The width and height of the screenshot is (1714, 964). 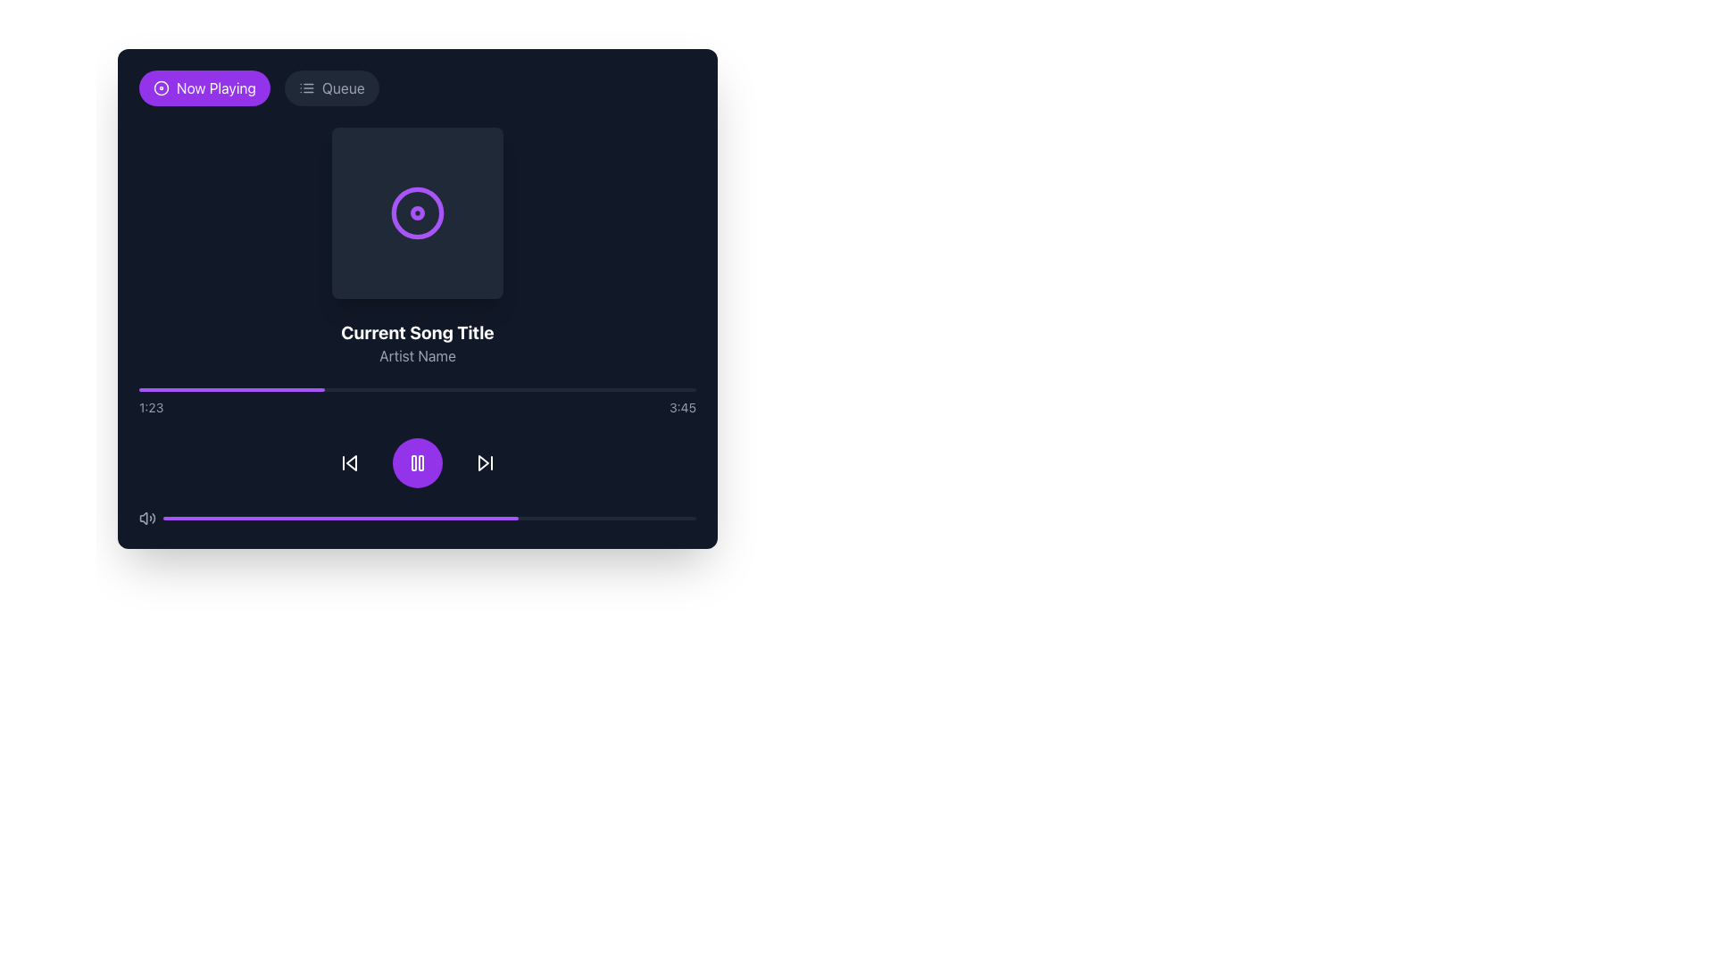 I want to click on the animation of the interactive visual representation located below the 'Now Playing' header and above the song title and artist information, so click(x=416, y=212).